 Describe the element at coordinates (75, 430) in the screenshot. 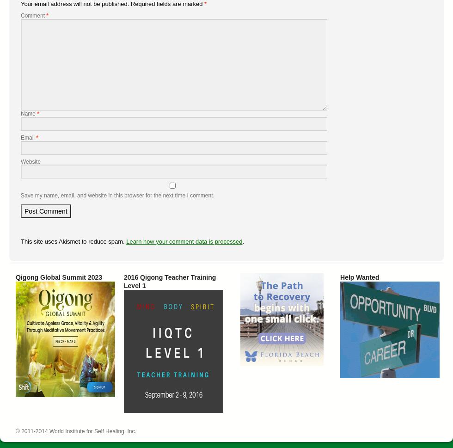

I see `'© 2011-2014 World Institute for Self Healing, Inc.'` at that location.